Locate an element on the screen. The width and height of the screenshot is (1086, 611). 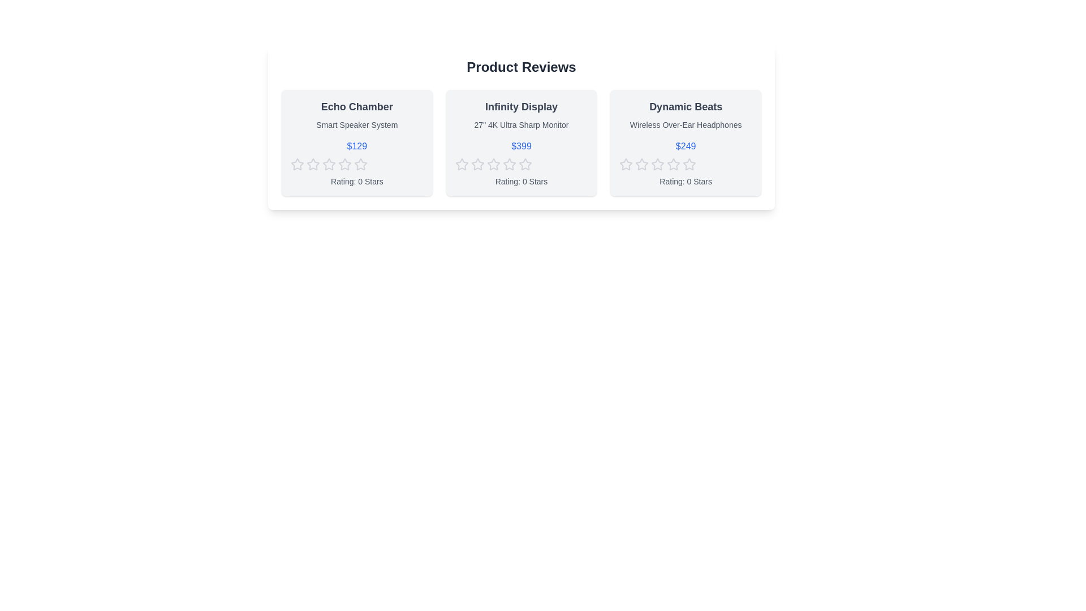
the fourth star icon, which is a hollow outline star with a light gray stroke is located at coordinates (524, 164).